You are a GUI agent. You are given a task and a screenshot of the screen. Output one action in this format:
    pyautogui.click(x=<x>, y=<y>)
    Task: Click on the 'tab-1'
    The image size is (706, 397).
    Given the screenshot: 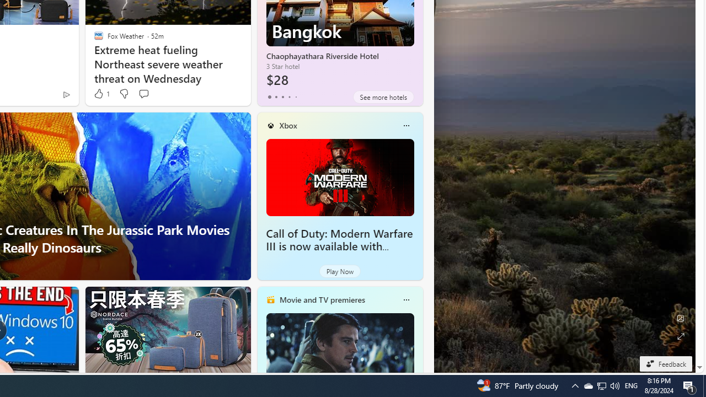 What is the action you would take?
    pyautogui.click(x=276, y=96)
    